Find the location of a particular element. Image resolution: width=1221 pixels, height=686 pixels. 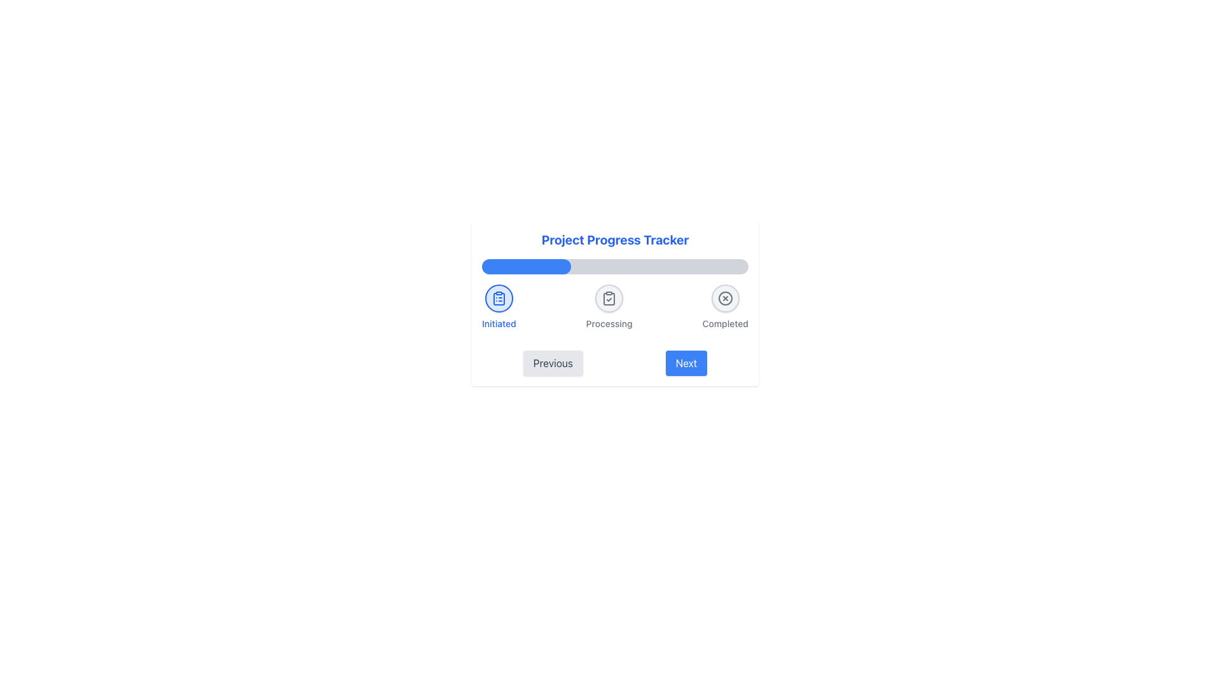

the gray stroke circle with a diameter of 20 pixels, located in the 'Completed' section of the progress tracker, near the bottom-right of the main interface card is located at coordinates (725, 299).